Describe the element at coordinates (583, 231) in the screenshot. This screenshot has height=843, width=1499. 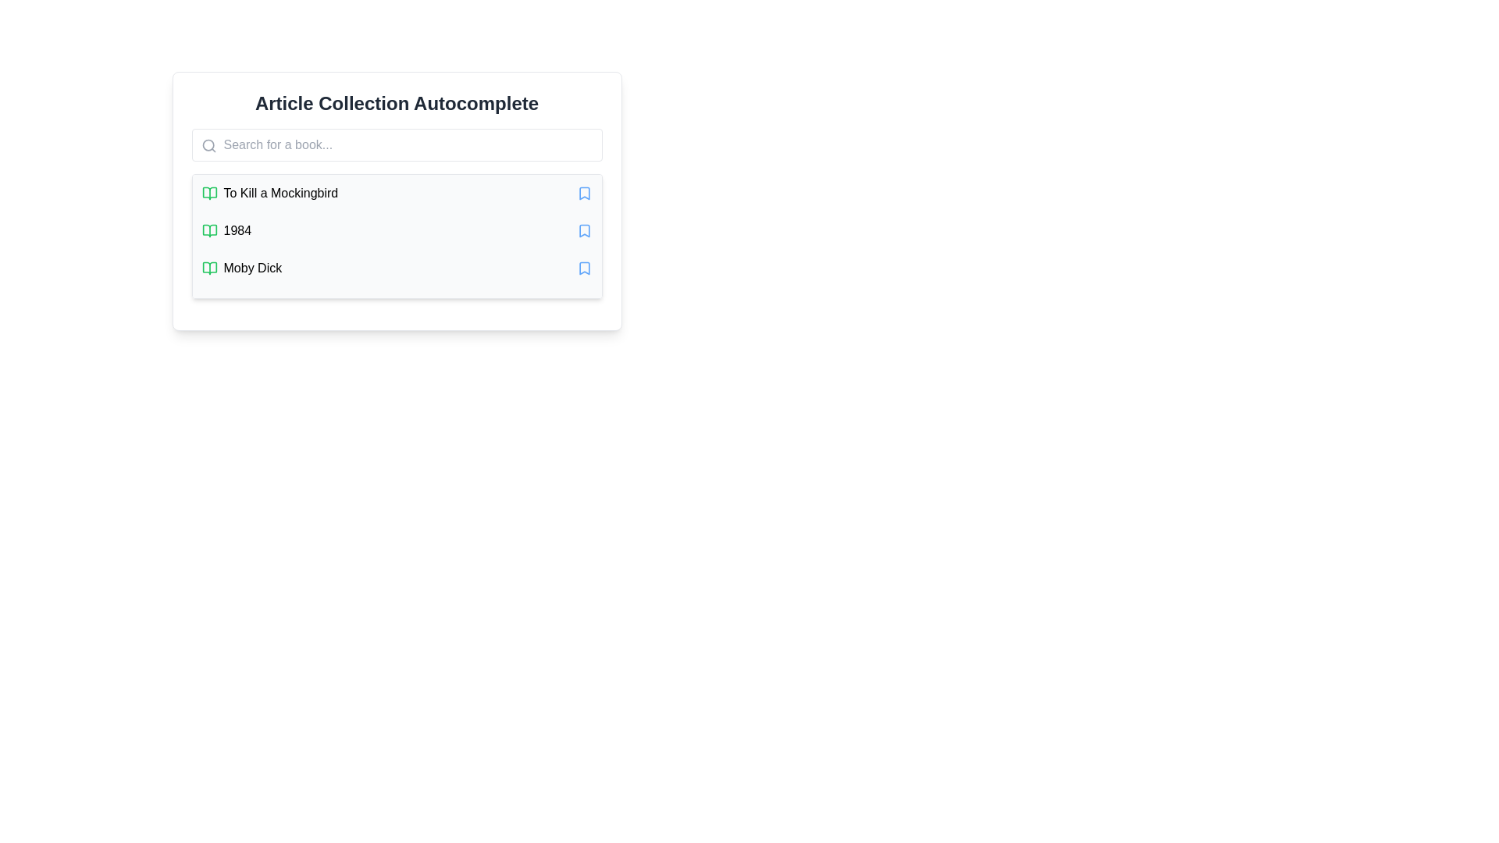
I see `the bookmark icon next to the '1984' list item` at that location.